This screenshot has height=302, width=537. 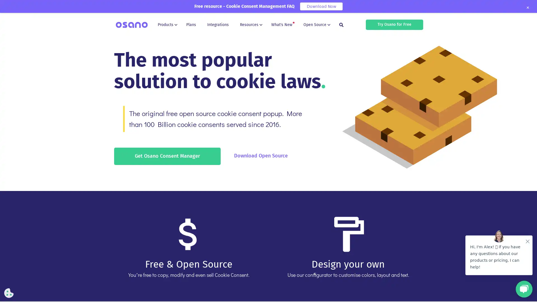 I want to click on Cookie Preferences, so click(x=9, y=293).